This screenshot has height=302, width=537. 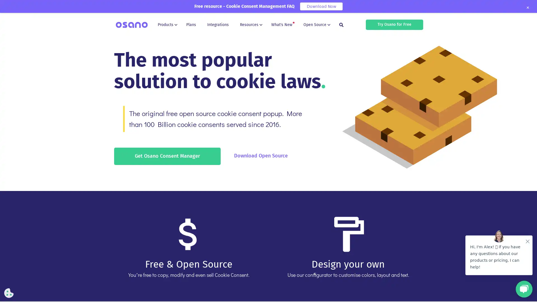 I want to click on Cookie Preferences, so click(x=9, y=293).